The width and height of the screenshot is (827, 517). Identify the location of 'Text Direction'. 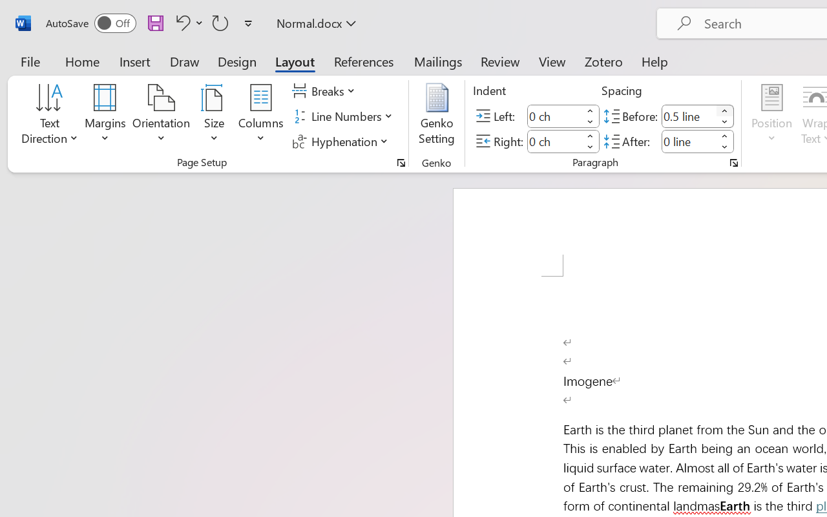
(50, 116).